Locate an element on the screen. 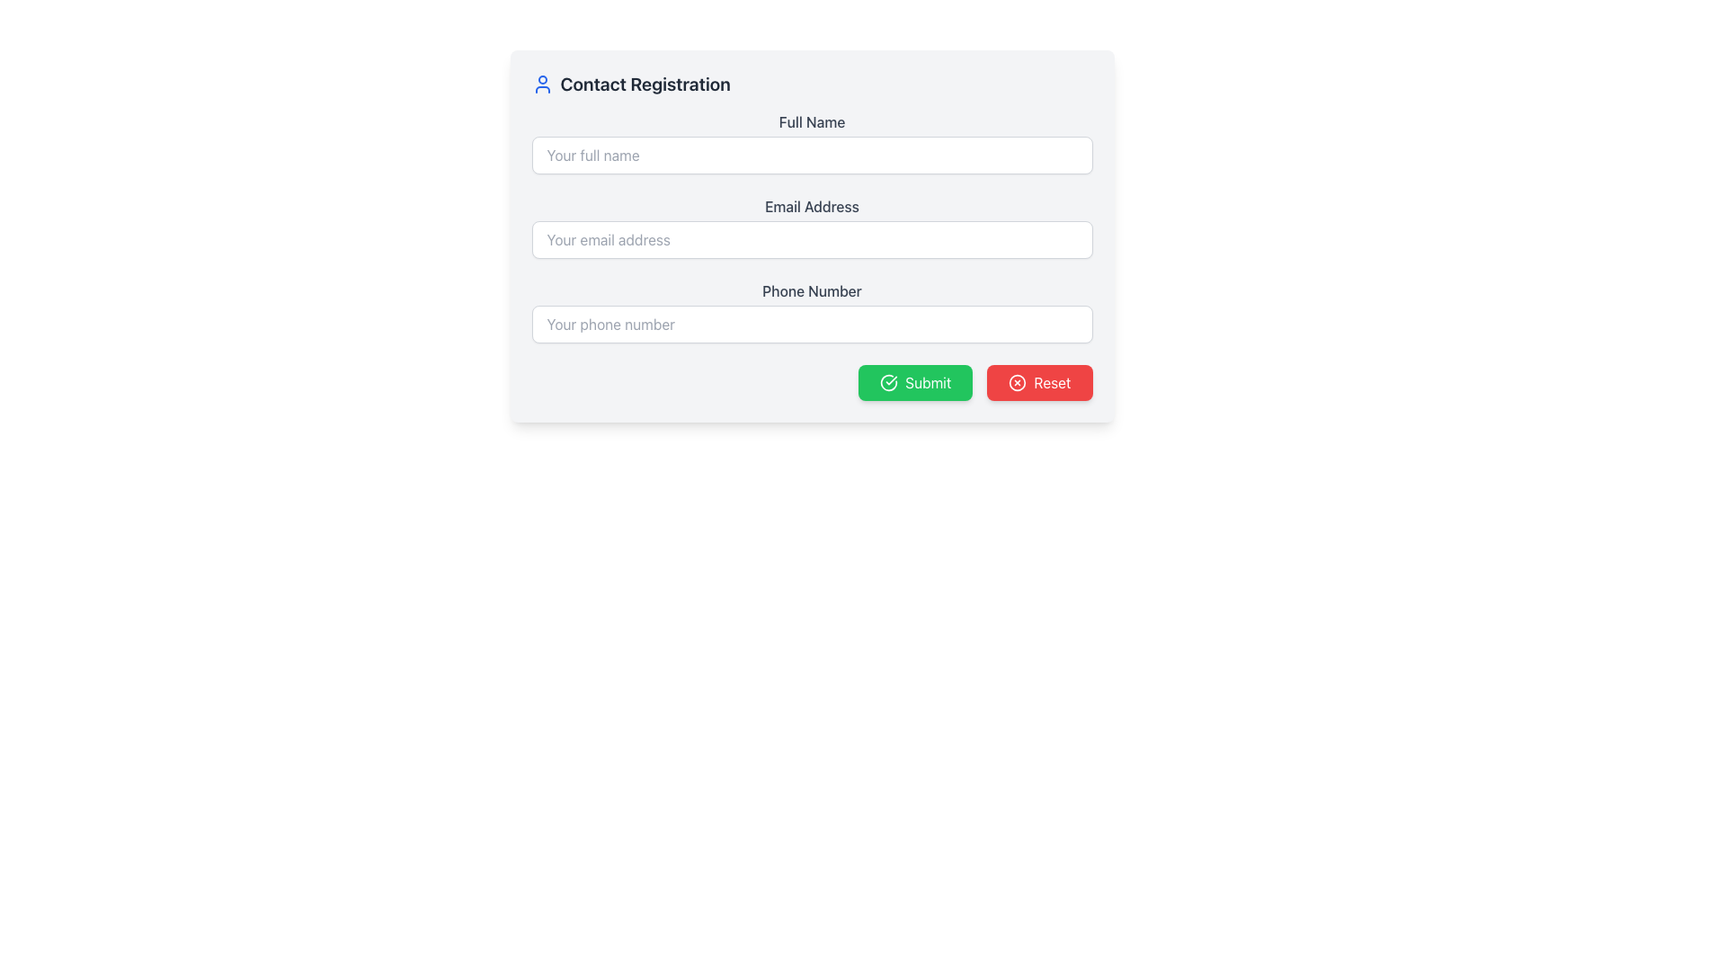 The width and height of the screenshot is (1726, 971). the red rectangular 'Reset' button with rounded corners is located at coordinates (1039, 381).